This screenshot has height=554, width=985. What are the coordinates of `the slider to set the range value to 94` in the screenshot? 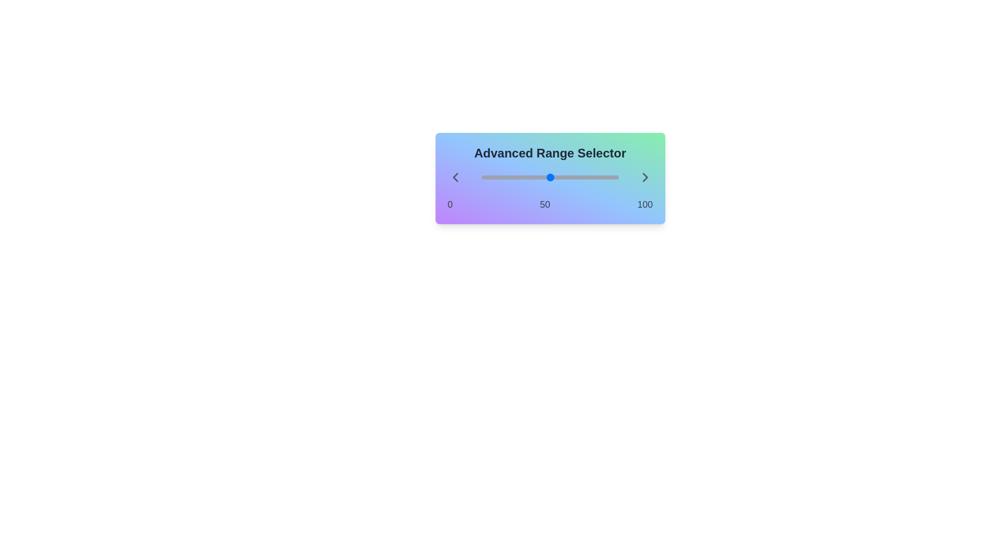 It's located at (481, 177).